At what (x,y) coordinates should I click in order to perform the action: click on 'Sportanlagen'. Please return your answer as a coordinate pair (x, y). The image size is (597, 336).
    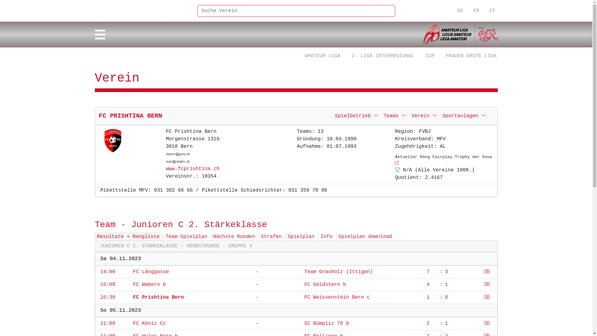
    Looking at the image, I should click on (464, 116).